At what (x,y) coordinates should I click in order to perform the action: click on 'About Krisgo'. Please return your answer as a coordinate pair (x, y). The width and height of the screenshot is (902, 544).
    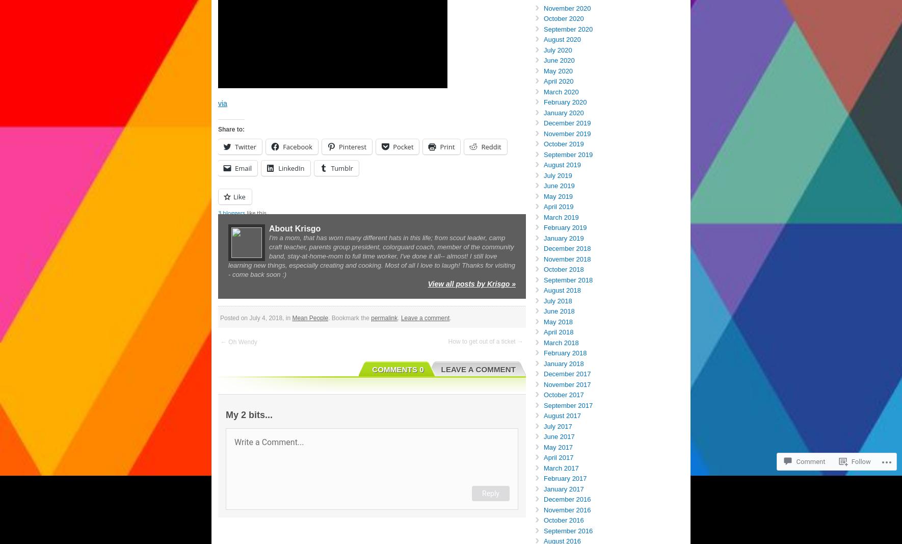
    Looking at the image, I should click on (269, 228).